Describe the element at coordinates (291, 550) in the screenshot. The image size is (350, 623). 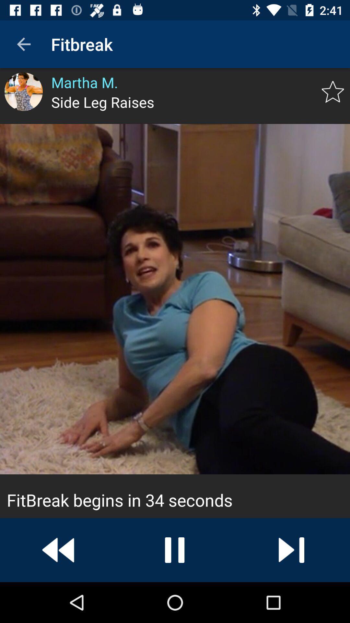
I see `next button` at that location.